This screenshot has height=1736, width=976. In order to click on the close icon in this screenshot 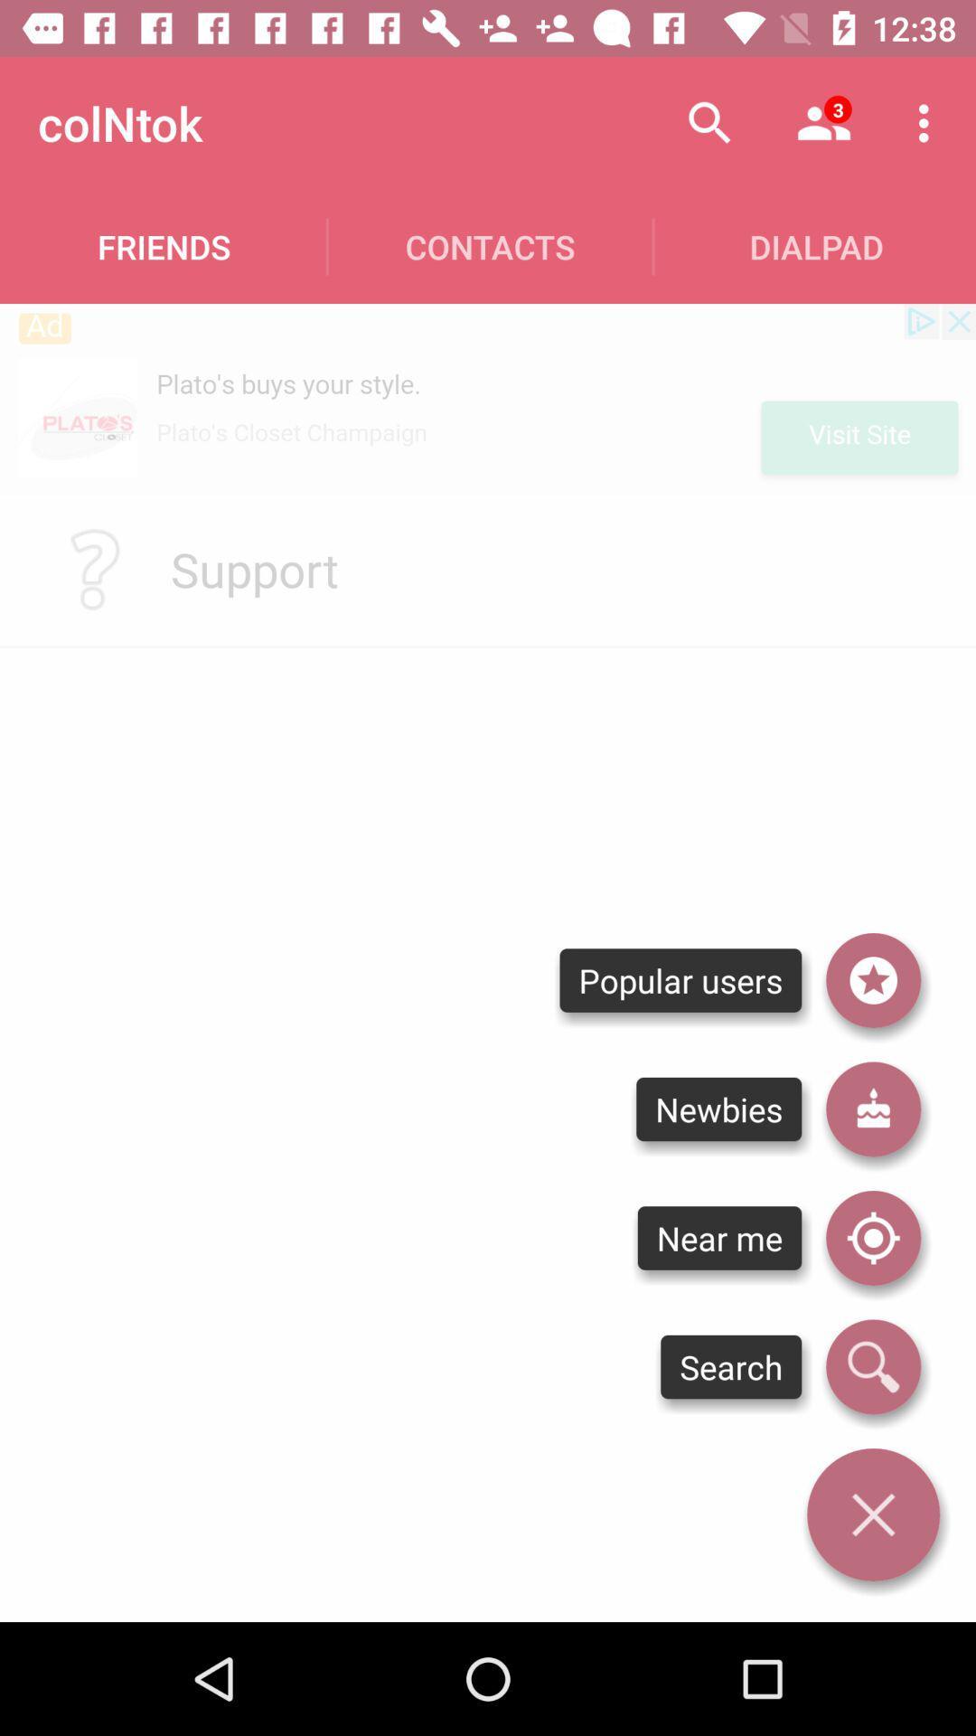, I will do `click(872, 1514)`.